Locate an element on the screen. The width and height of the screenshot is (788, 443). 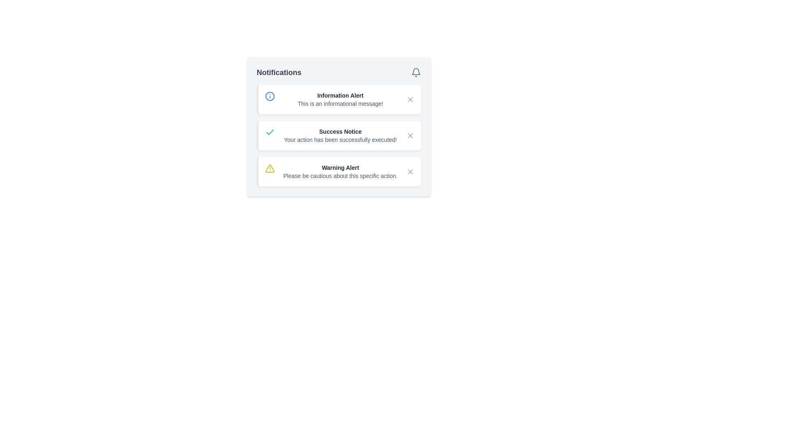
the Notification Card that indicates a successful action completion, located in the middle of the notification list, specifically the second card between an information alert and a warning alert is located at coordinates (339, 135).